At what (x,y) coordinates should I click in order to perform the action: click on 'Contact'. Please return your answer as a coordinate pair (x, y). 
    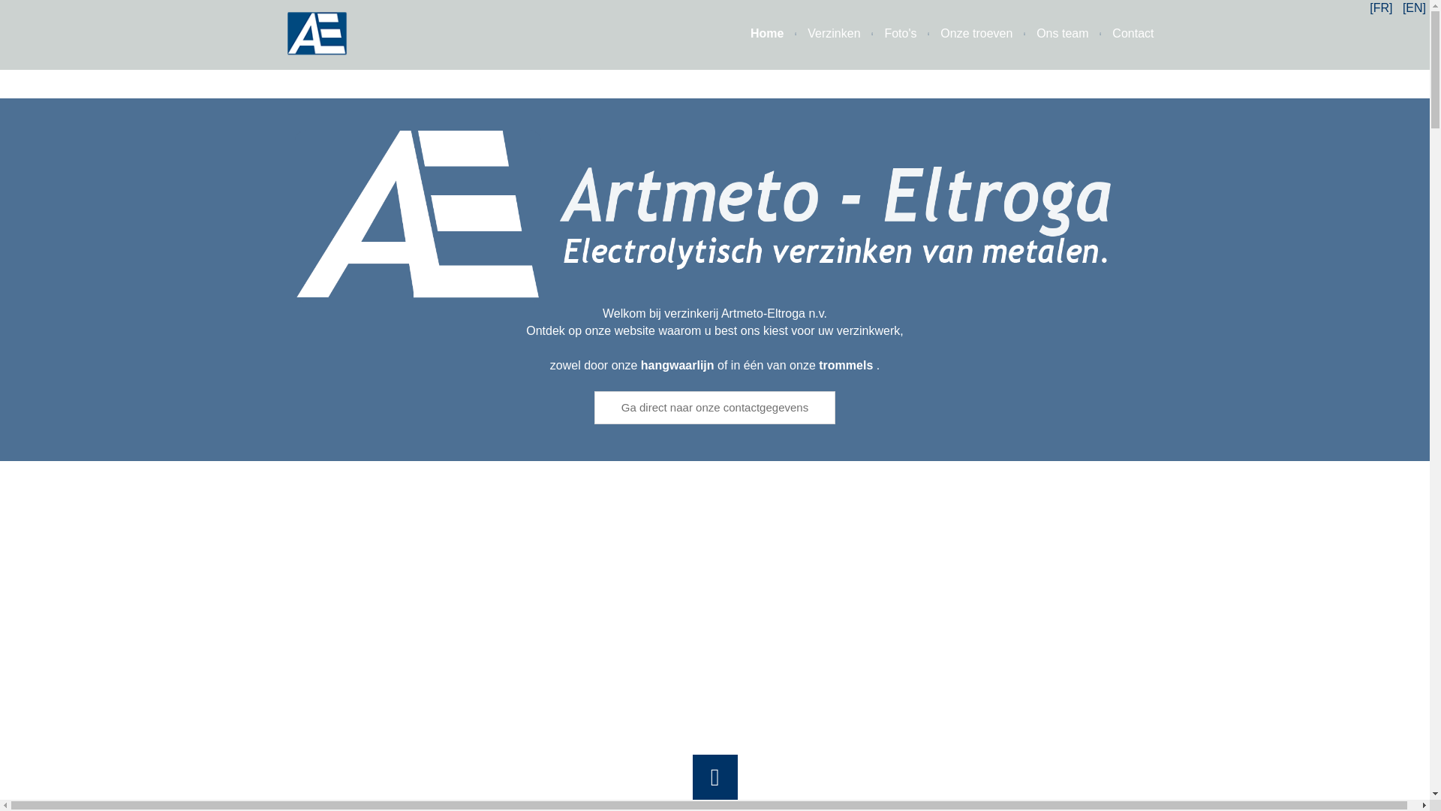
    Looking at the image, I should click on (1121, 34).